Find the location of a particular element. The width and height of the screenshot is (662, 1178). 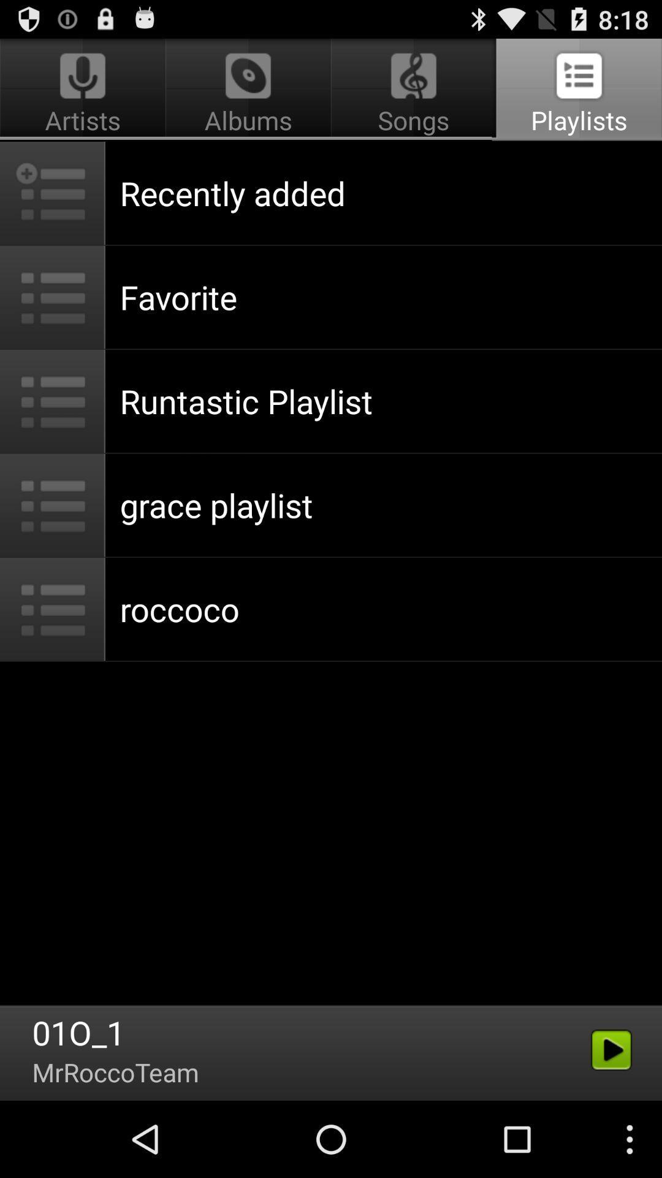

play icon at the bottom right corner is located at coordinates (612, 1050).